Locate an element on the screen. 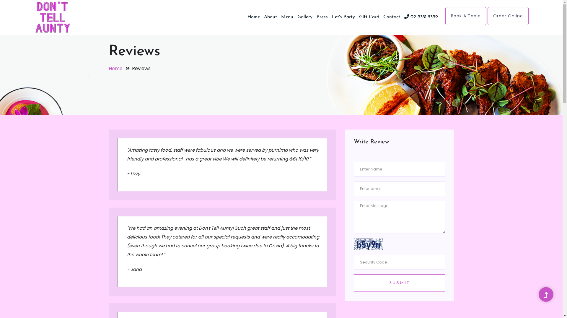  'Home' is located at coordinates (254, 16).